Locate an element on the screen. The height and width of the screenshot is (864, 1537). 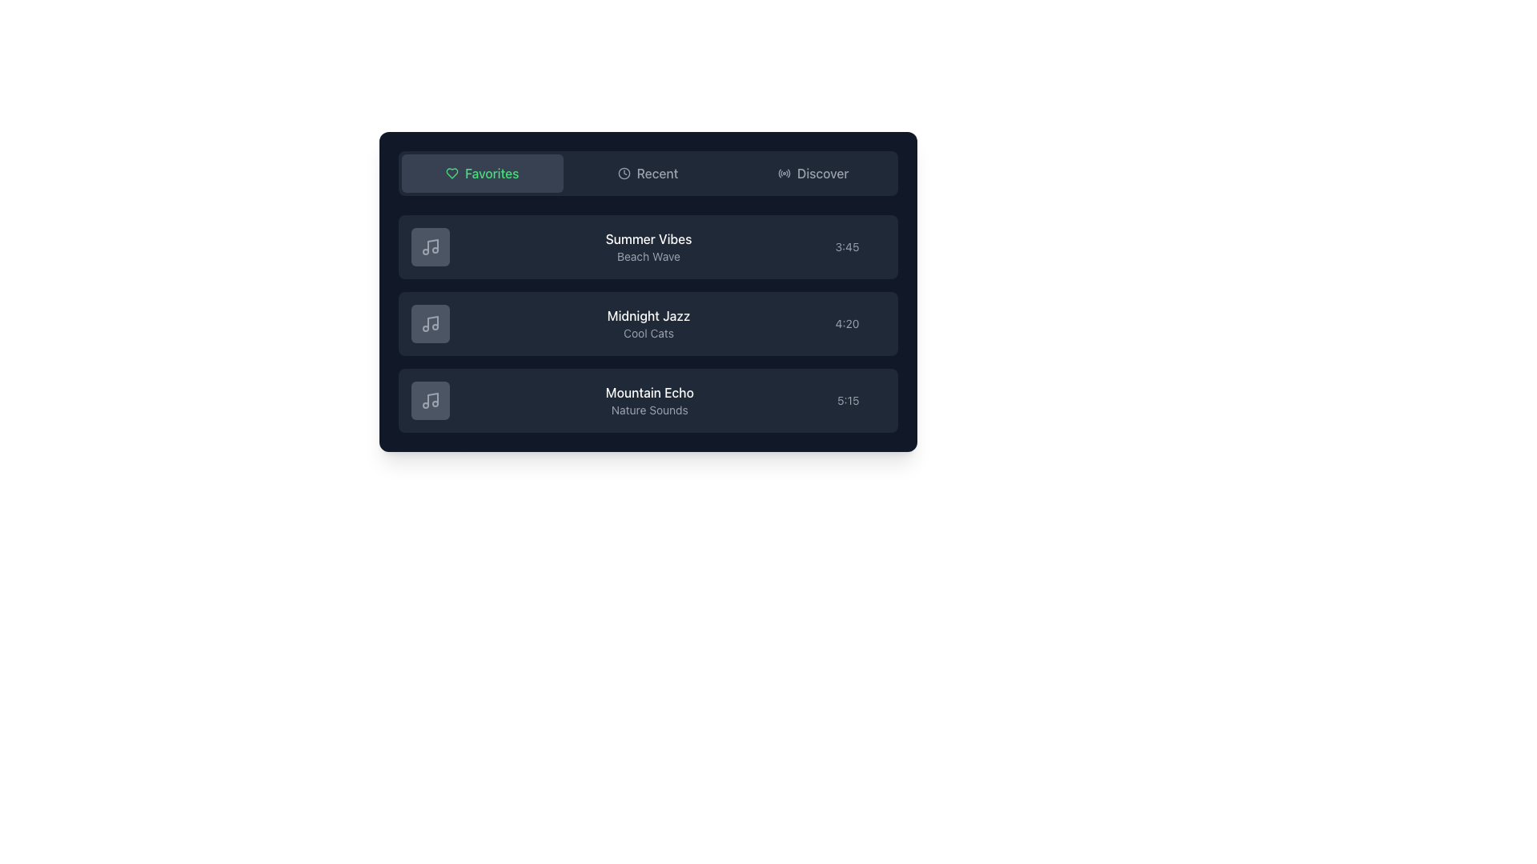
text content of the text label displaying 'Beach Wave', which is aligned beneath the larger text 'Summer Vibes' is located at coordinates (648, 255).